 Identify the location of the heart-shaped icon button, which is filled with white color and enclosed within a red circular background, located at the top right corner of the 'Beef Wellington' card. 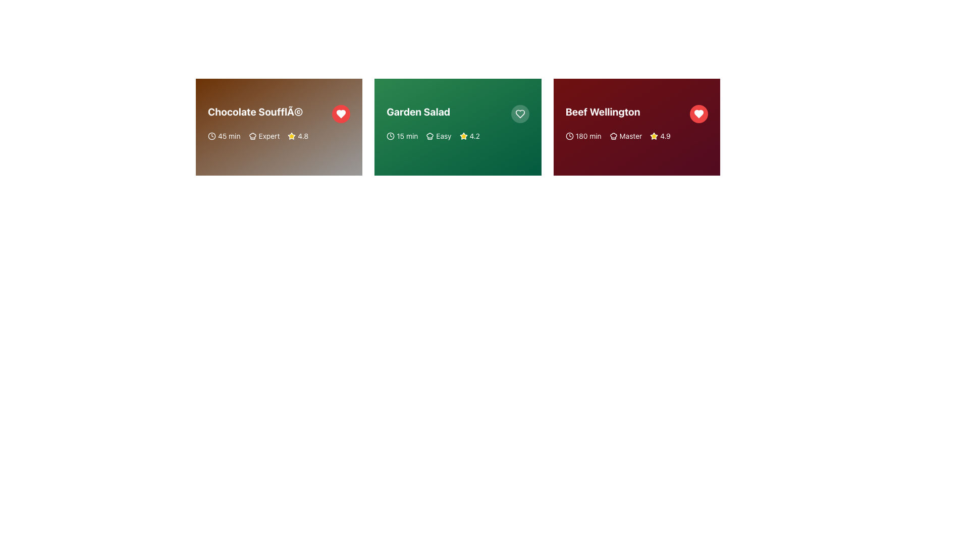
(698, 114).